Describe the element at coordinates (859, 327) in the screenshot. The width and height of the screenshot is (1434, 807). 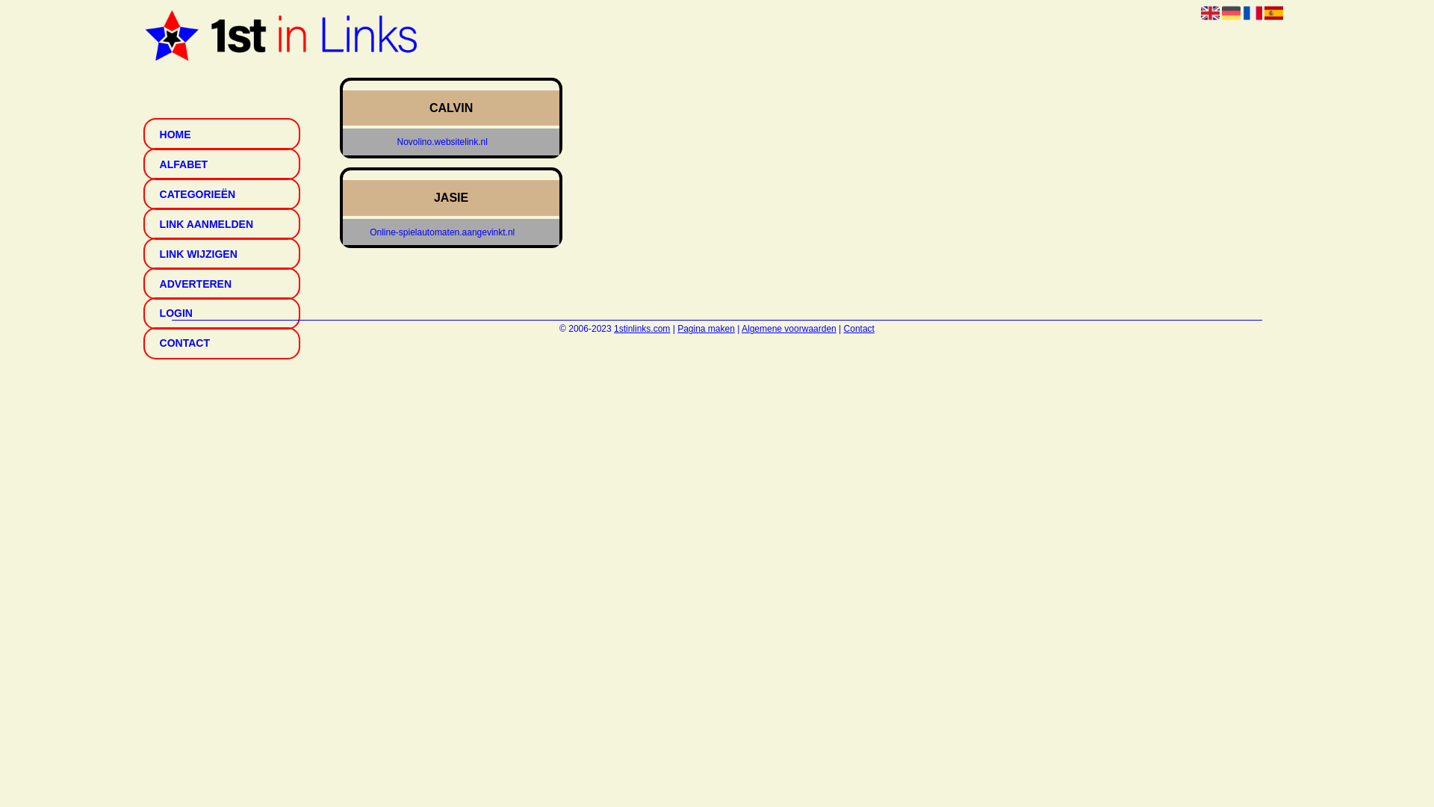
I see `'Contact'` at that location.